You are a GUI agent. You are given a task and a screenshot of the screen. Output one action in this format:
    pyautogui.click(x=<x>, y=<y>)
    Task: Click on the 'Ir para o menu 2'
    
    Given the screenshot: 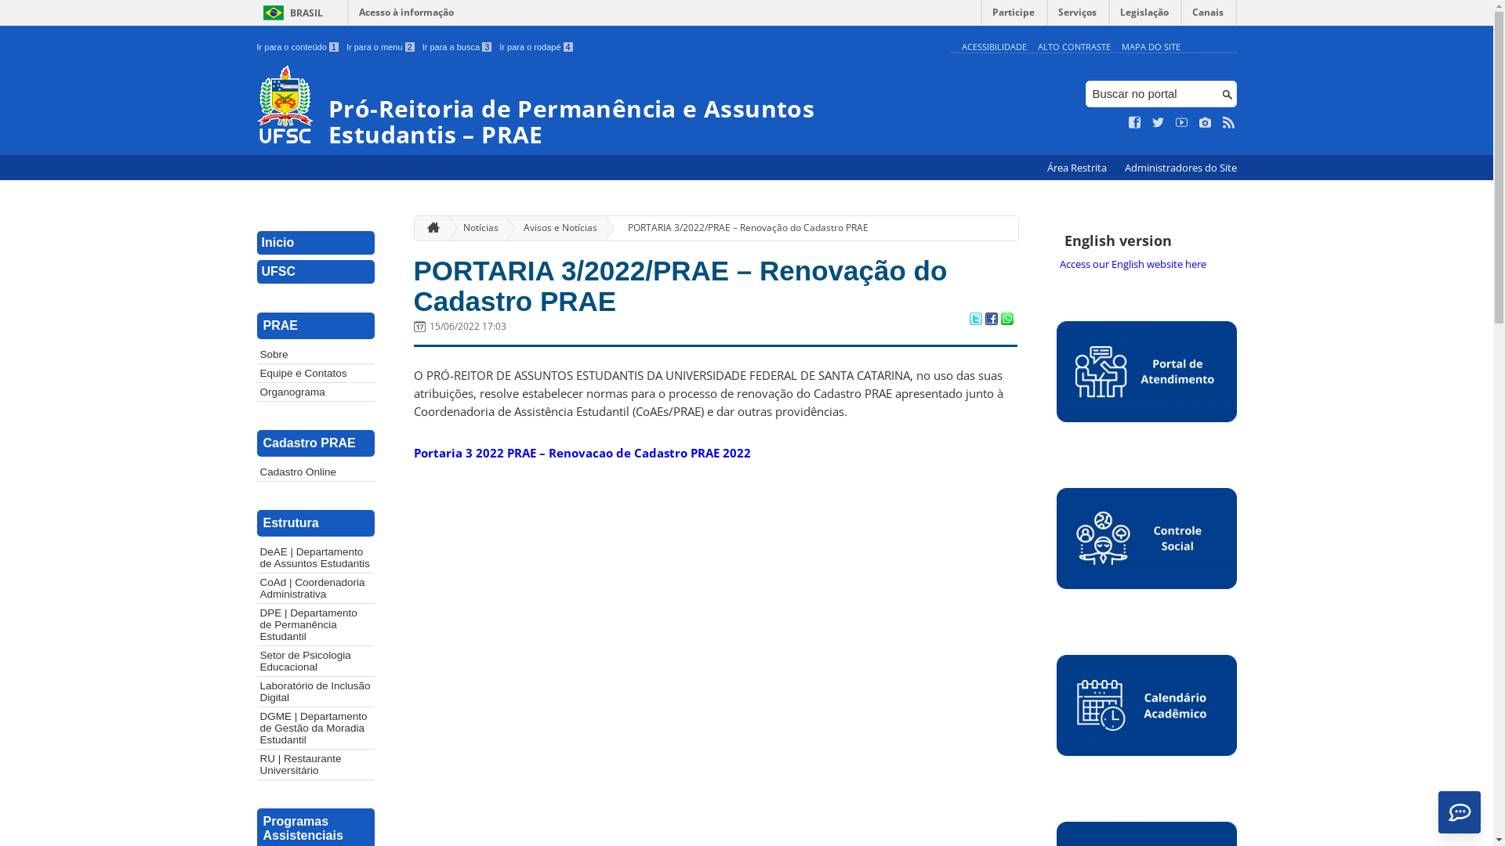 What is the action you would take?
    pyautogui.click(x=380, y=46)
    